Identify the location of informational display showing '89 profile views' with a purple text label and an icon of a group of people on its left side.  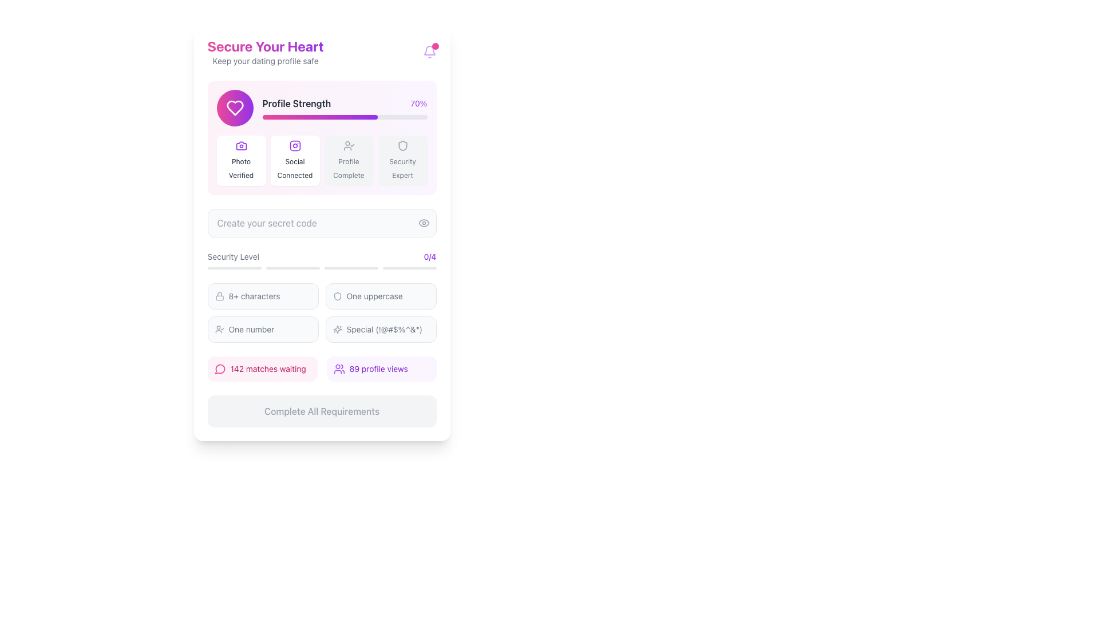
(381, 369).